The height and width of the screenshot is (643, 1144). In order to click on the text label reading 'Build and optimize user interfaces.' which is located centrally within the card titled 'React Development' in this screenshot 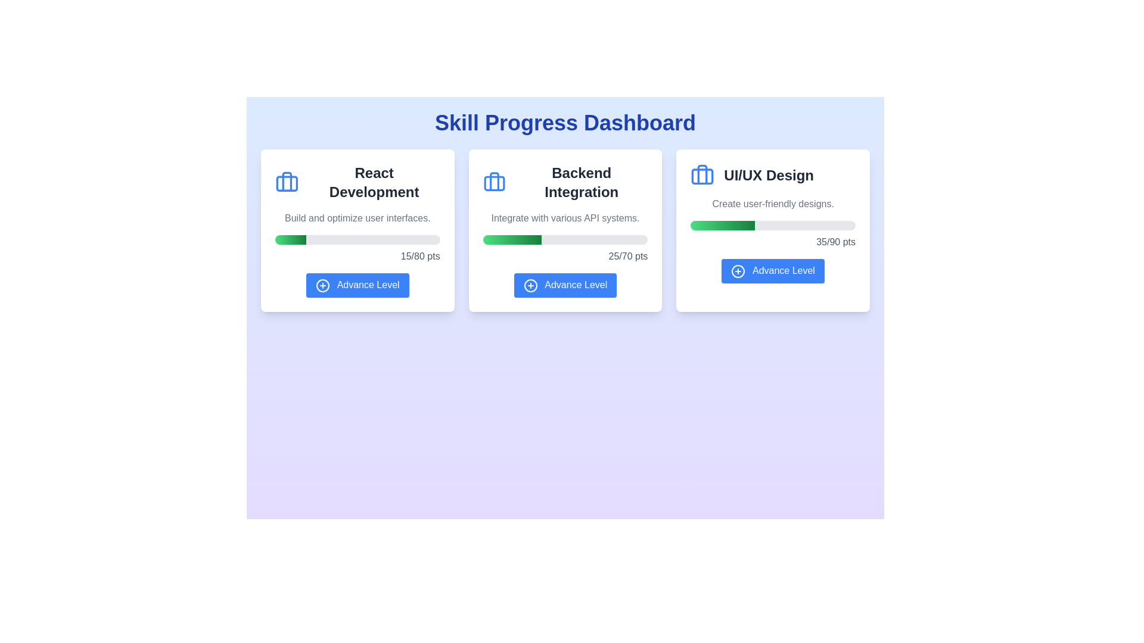, I will do `click(357, 218)`.